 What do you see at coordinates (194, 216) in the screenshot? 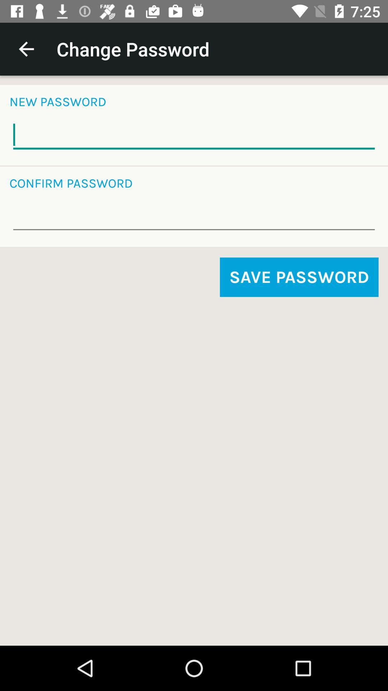
I see `re enter password` at bounding box center [194, 216].